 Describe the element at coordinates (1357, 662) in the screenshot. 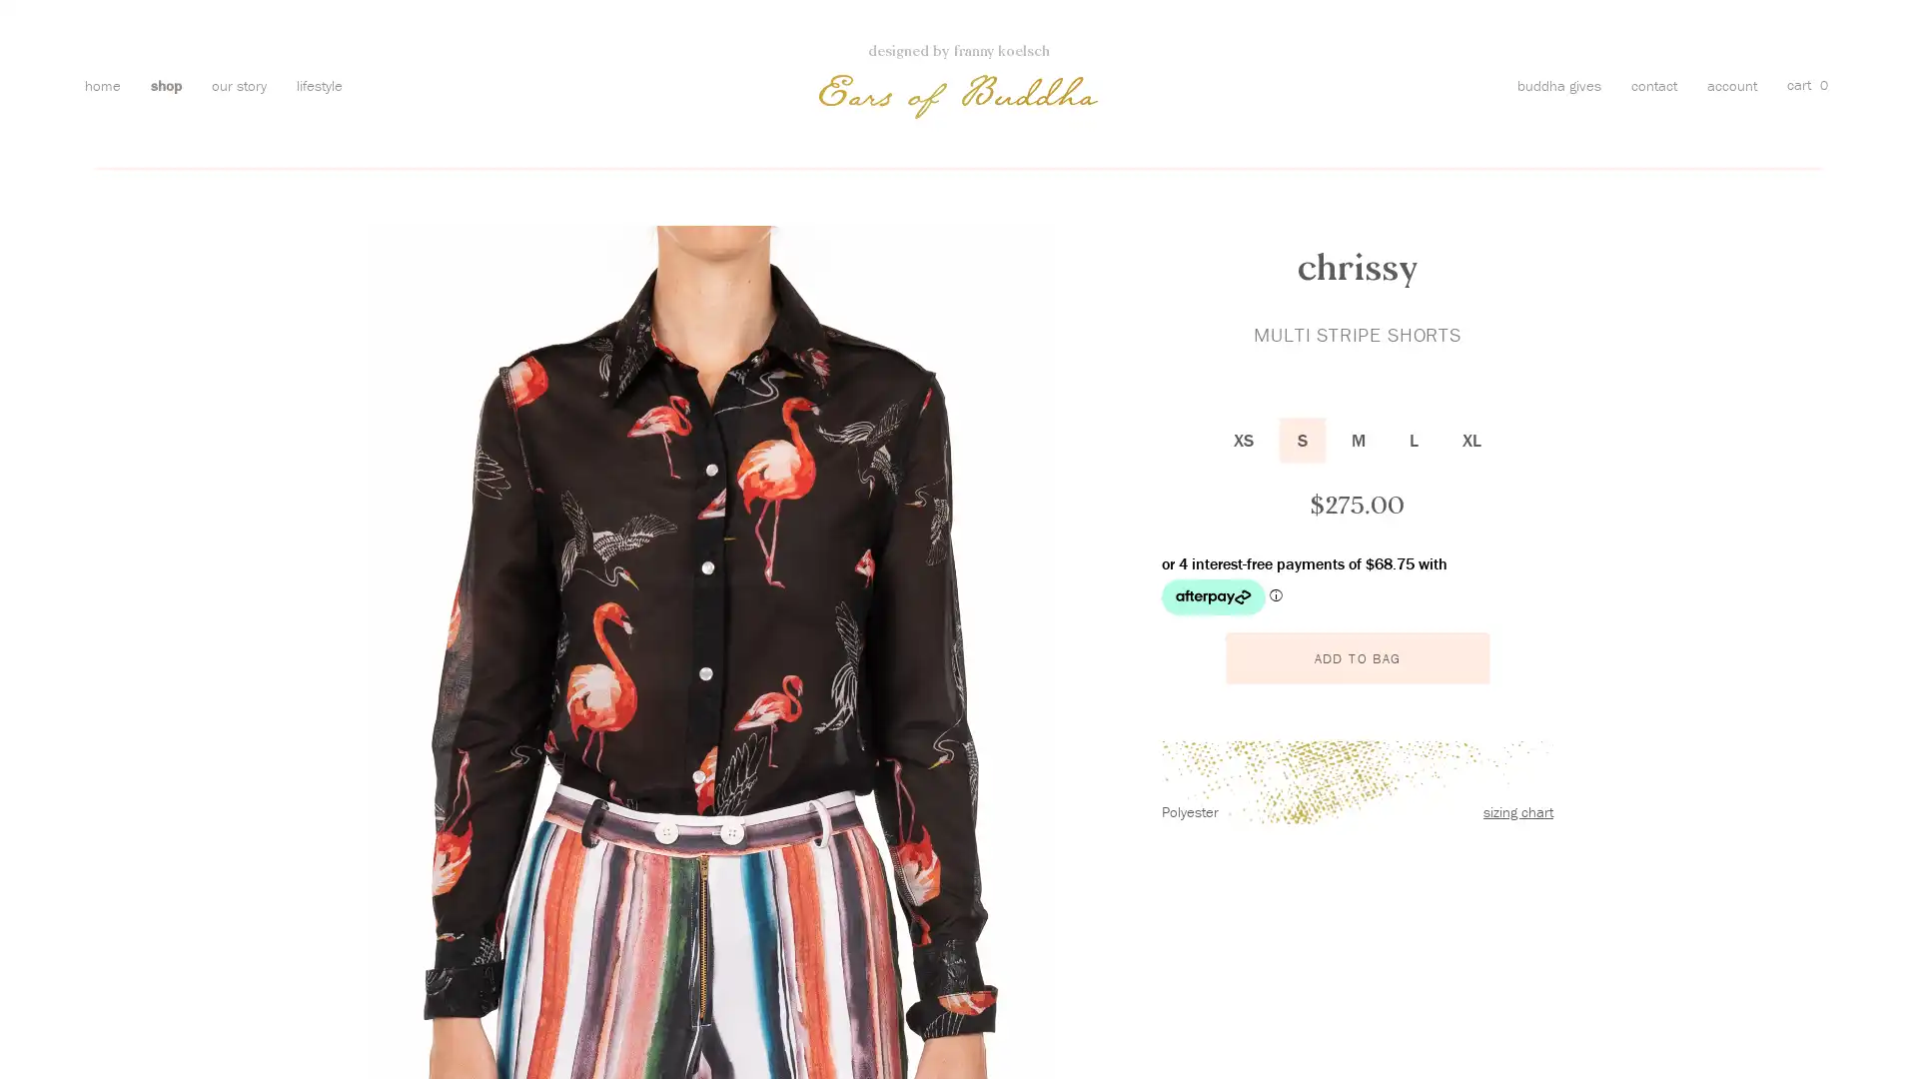

I see `ADD TO BAG` at that location.